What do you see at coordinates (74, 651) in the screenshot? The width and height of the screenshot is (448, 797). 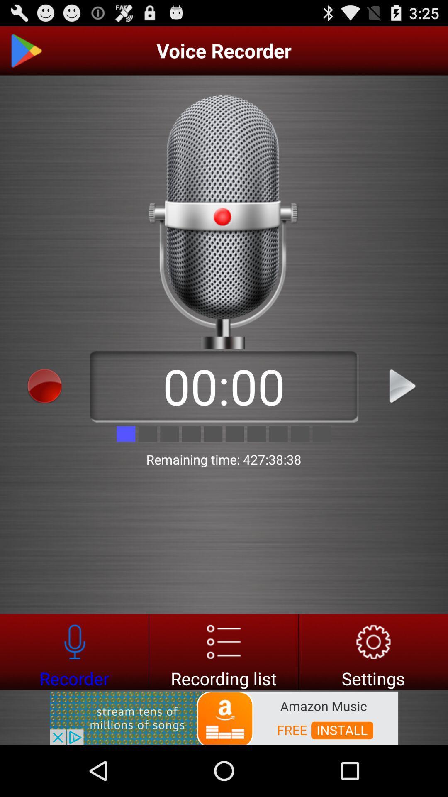 I see `recorder` at bounding box center [74, 651].